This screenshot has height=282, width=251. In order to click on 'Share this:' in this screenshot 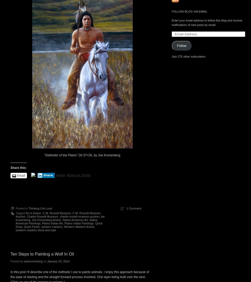, I will do `click(10, 168)`.